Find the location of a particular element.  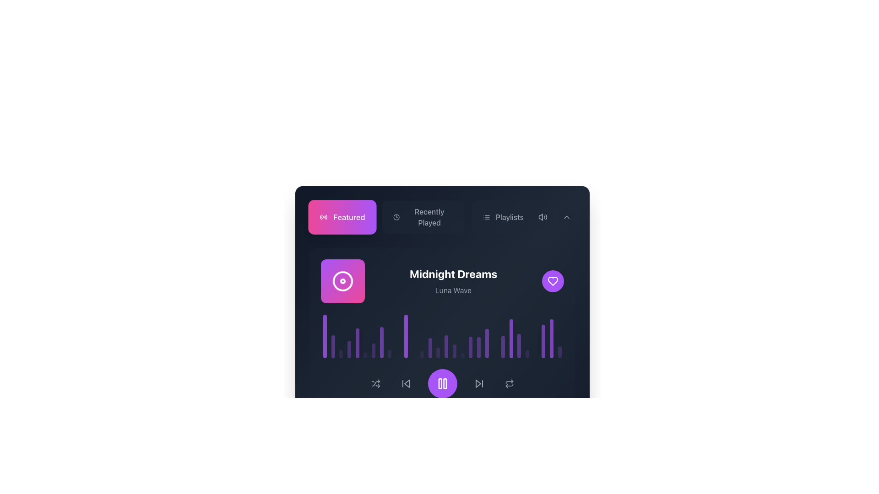

the skip-forward button, which is a triangular play symbol pointing right with a vertical line on its right side is located at coordinates (478, 384).